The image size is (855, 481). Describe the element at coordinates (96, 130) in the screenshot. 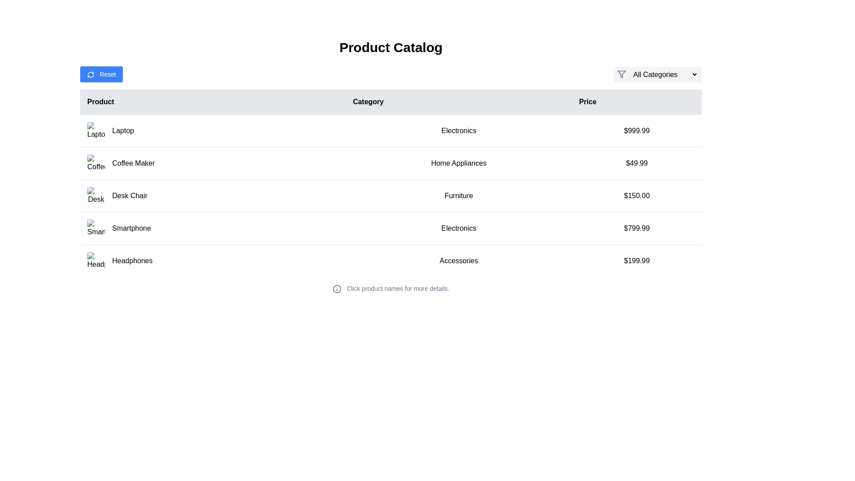

I see `the laptop product icon located` at that location.